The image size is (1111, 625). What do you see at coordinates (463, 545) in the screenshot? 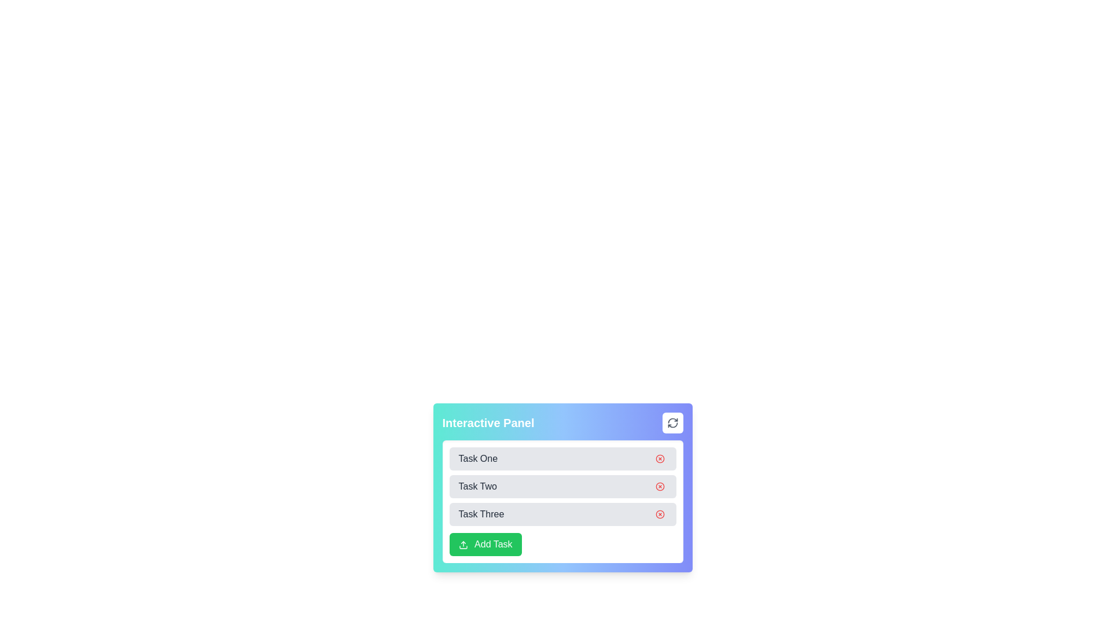
I see `the 'Add Task' button which contains the upload icon located to the left of the 'Add Task' text` at bounding box center [463, 545].